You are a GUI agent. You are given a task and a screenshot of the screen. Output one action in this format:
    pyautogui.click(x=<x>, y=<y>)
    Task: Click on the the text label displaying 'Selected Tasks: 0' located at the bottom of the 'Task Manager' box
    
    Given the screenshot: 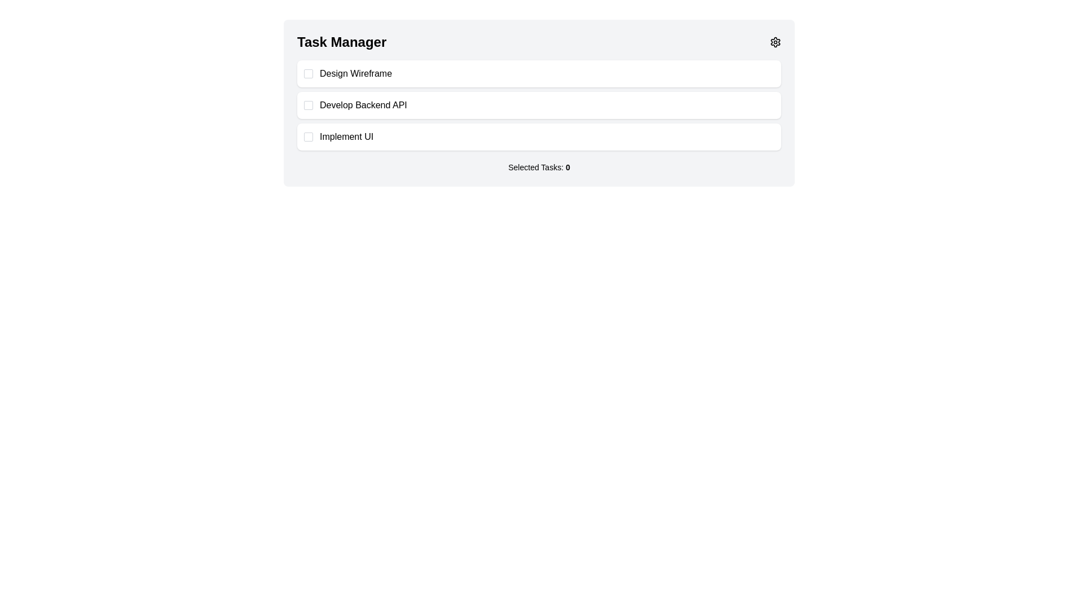 What is the action you would take?
    pyautogui.click(x=538, y=167)
    